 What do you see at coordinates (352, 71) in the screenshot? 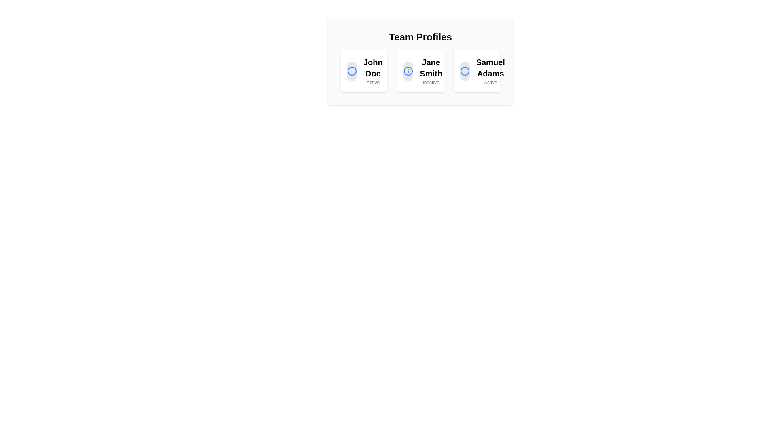
I see `the circular information icon with a blue border and 'i' symbol located inside the card labeled 'John Doe' in the 'Team Profiles' section` at bounding box center [352, 71].